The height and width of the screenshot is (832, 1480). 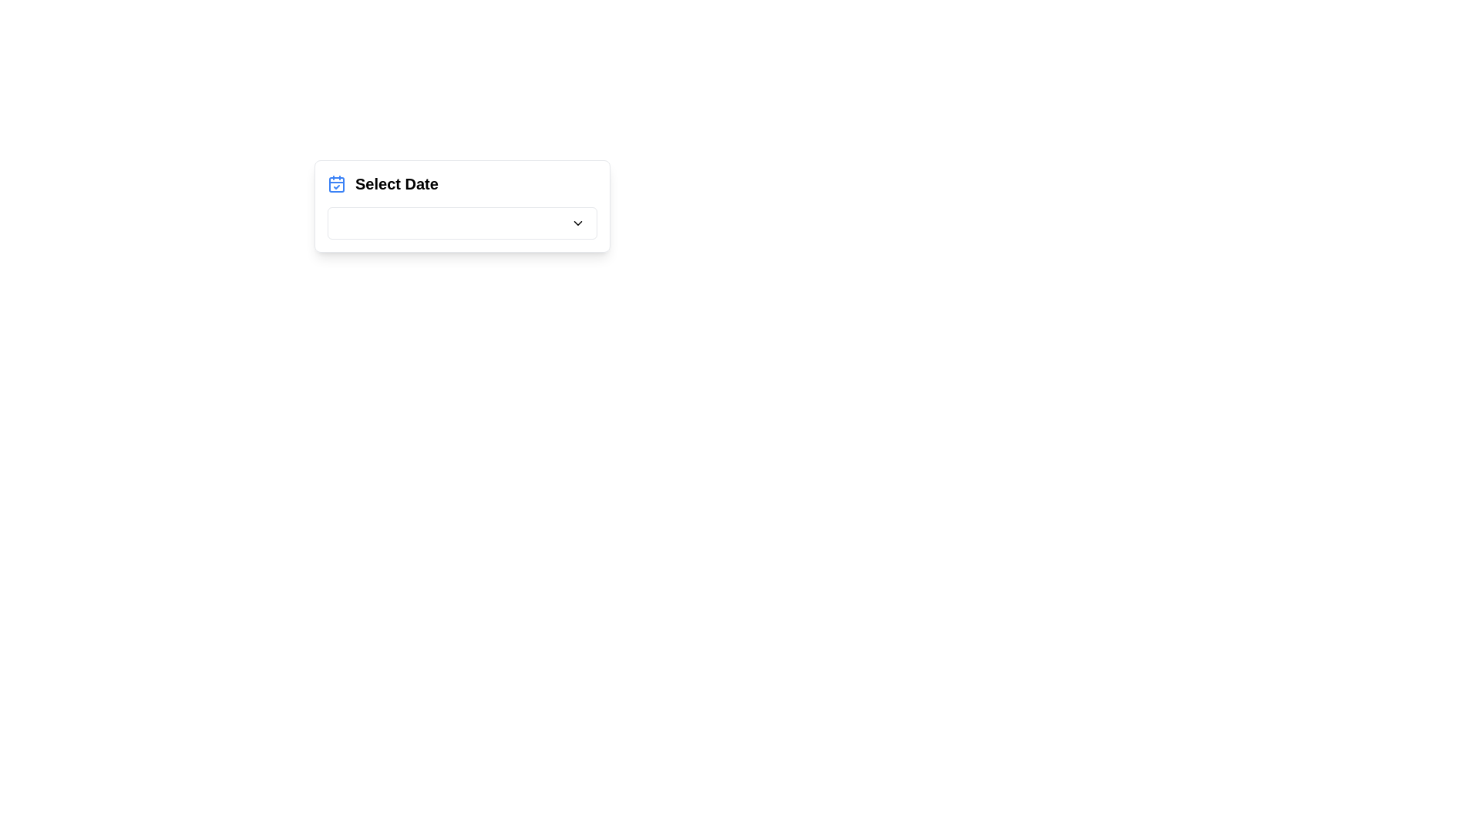 I want to click on the Dropdown Indicator Icon located in the top-right corner of the text input field, so click(x=577, y=223).